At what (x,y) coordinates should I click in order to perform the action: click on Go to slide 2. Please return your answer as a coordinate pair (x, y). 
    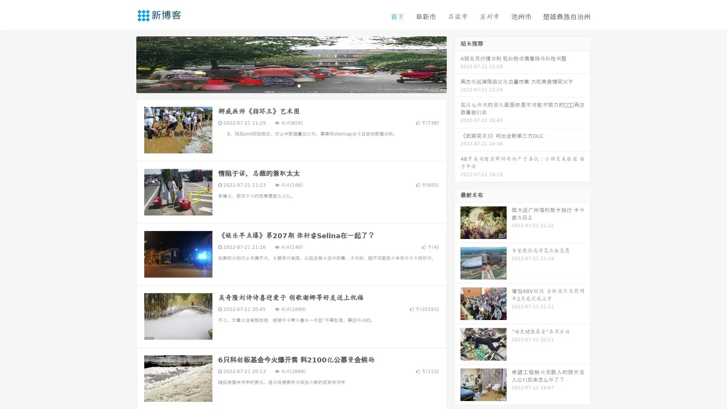
    Looking at the image, I should click on (291, 85).